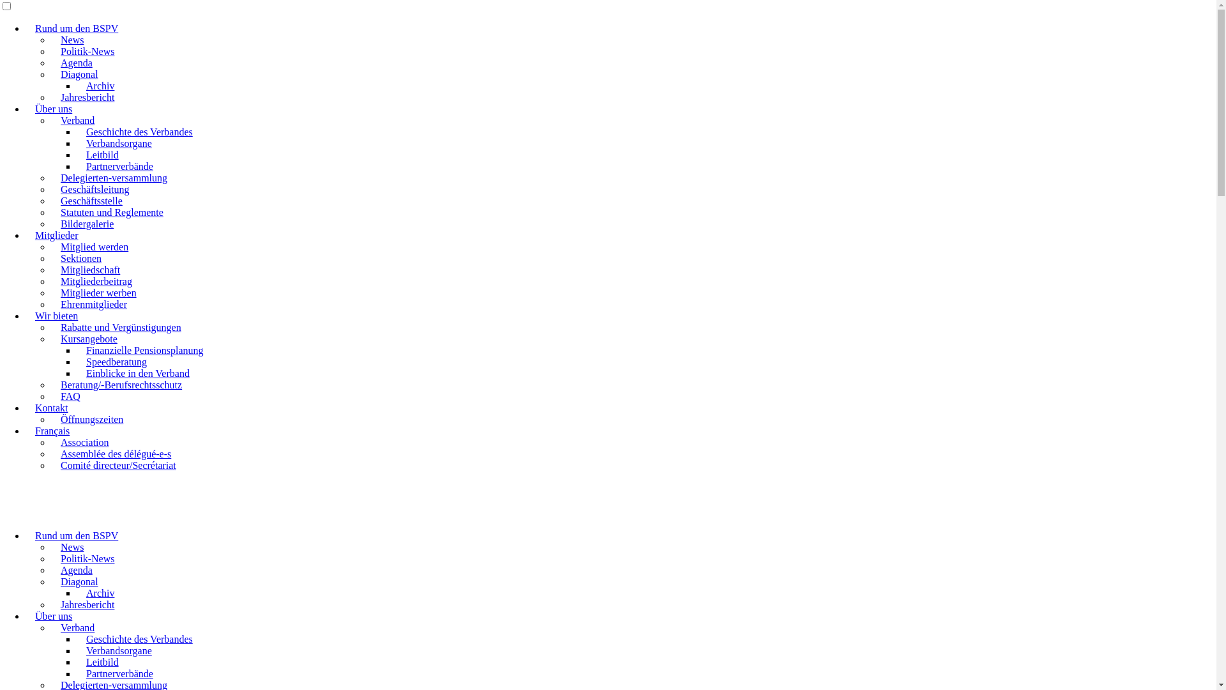 The width and height of the screenshot is (1226, 690). I want to click on 'Speedberatung', so click(116, 362).